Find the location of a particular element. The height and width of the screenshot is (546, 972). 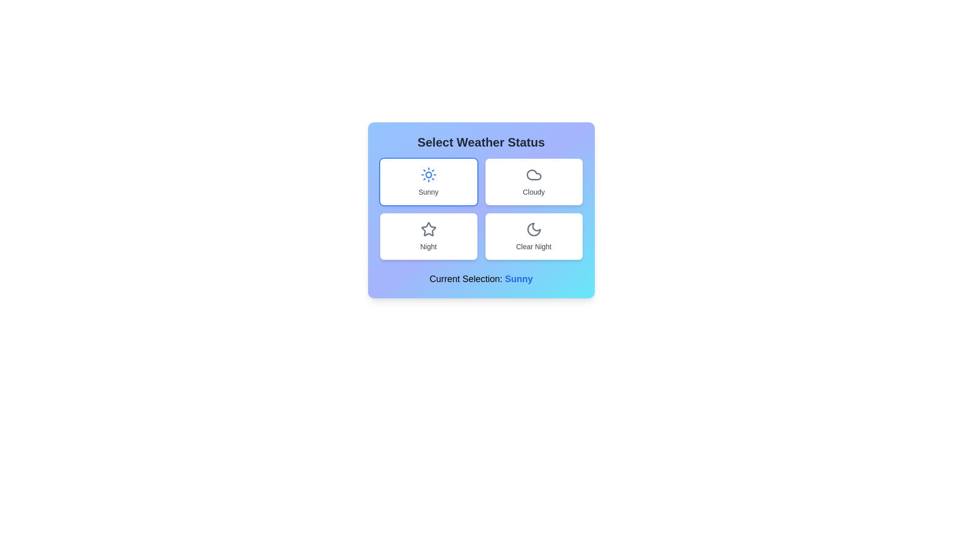

the 'Cloudy' button, which is a rounded rectangular card with a white background and a cloud icon, located in the top-right corner of the grid is located at coordinates (533, 181).